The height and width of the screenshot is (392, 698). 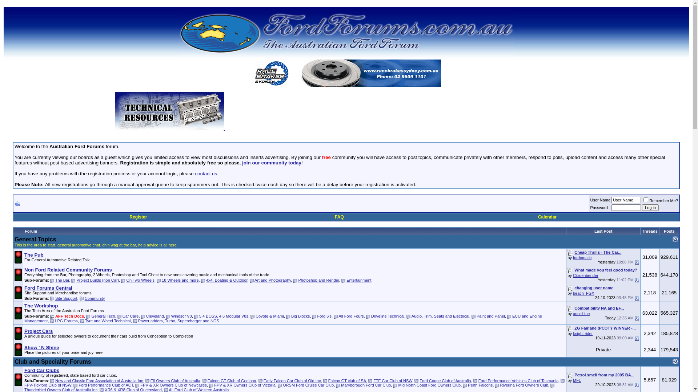 What do you see at coordinates (387, 316) in the screenshot?
I see `'Driveline Technical'` at bounding box center [387, 316].